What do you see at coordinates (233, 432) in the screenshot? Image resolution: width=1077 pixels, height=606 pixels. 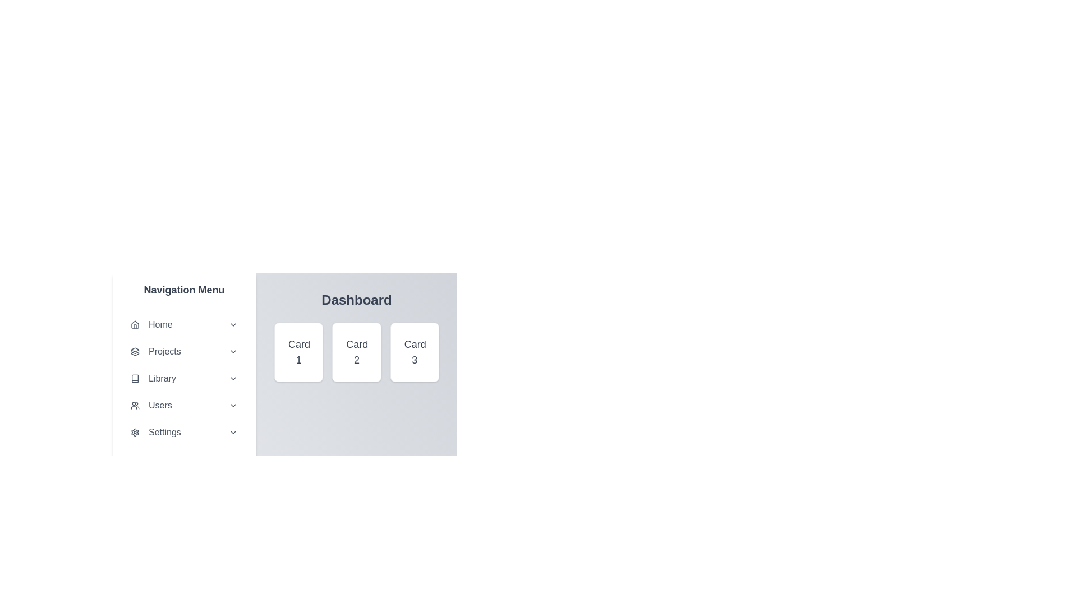 I see `the Dropdown toggle icon located at the far right of the Settings text in the navigation menu` at bounding box center [233, 432].